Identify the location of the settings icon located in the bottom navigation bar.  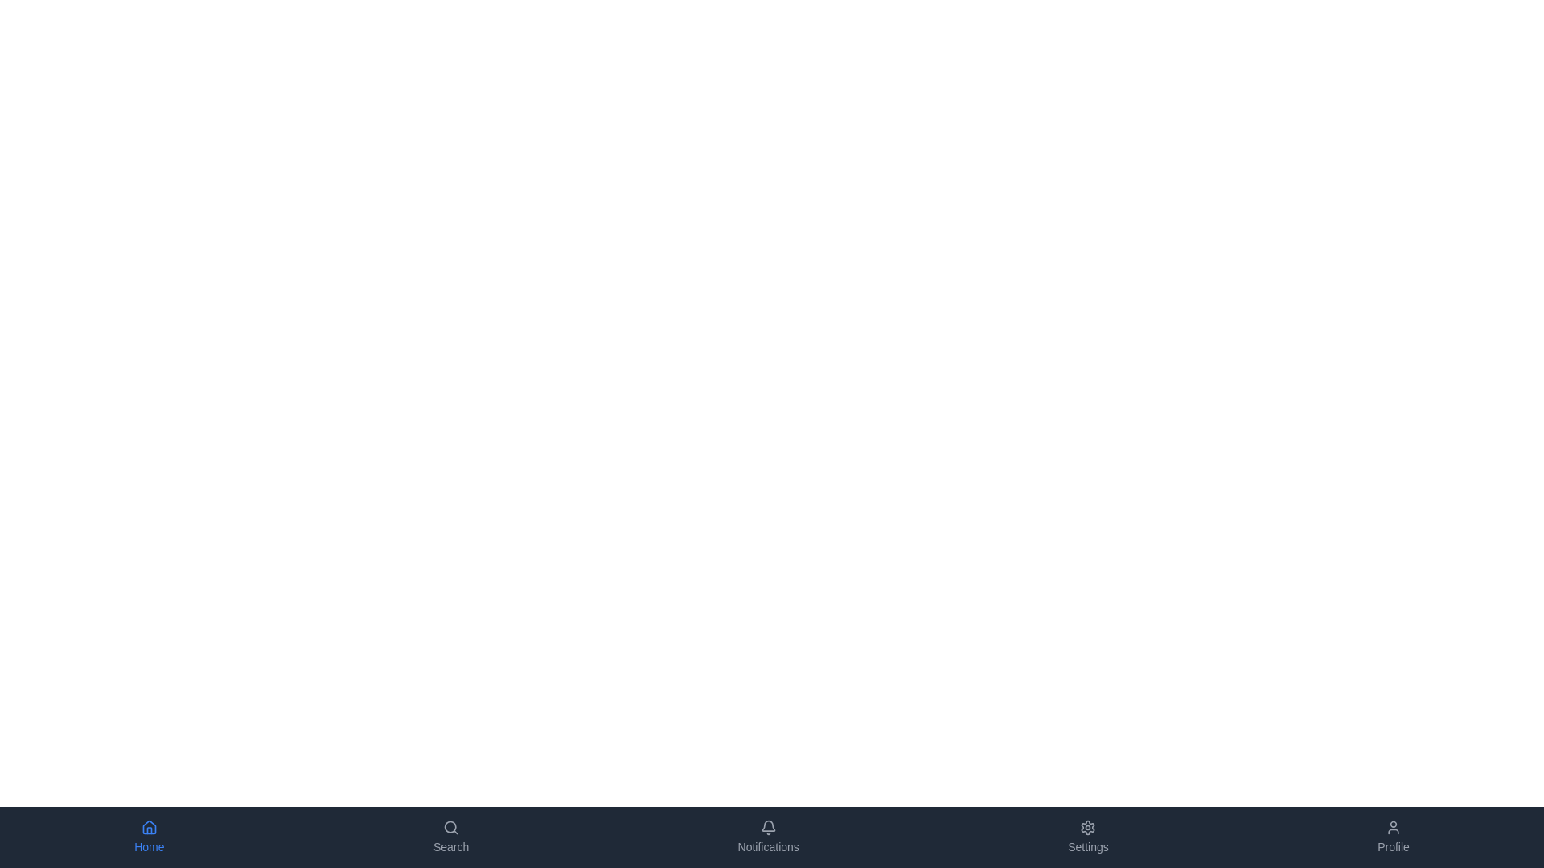
(1088, 827).